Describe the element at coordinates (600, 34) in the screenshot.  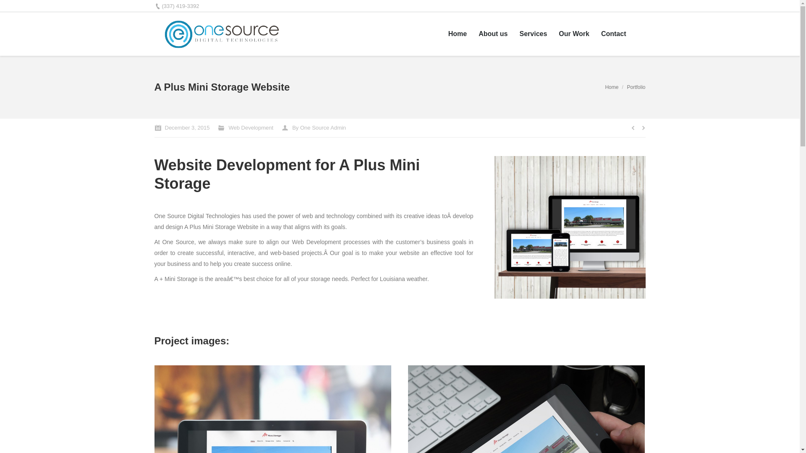
I see `'Contact'` at that location.